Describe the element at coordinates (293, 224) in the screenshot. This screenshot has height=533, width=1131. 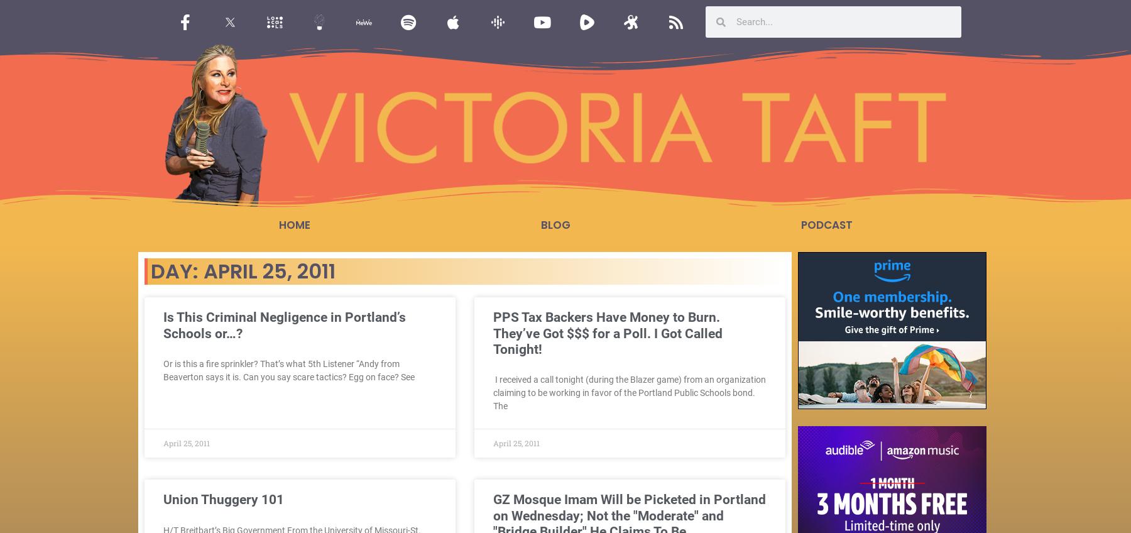
I see `'Home'` at that location.